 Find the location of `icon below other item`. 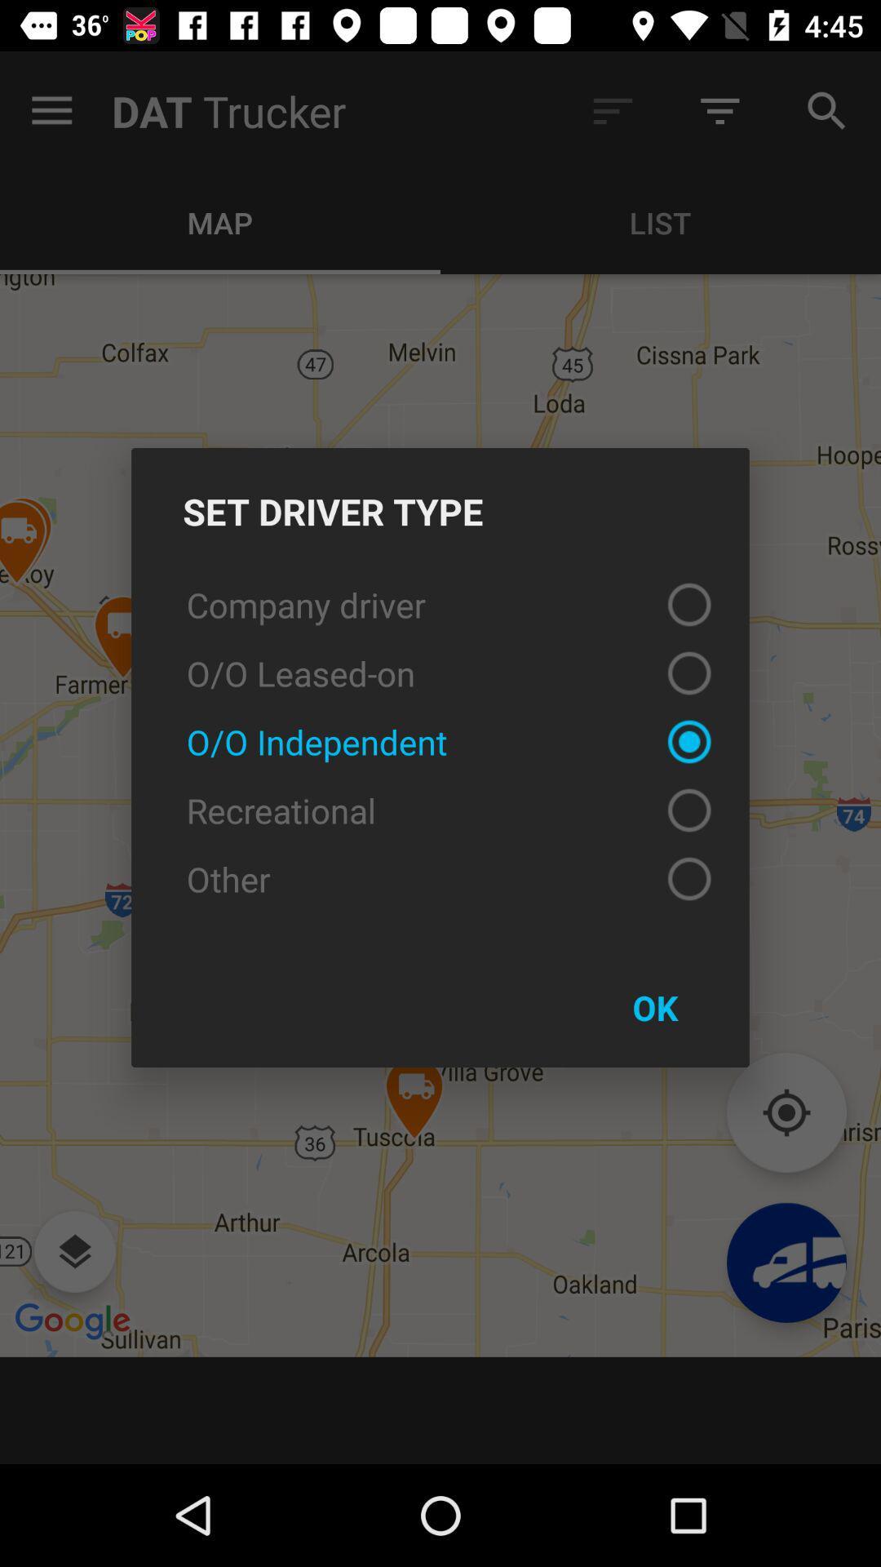

icon below other item is located at coordinates (654, 1006).